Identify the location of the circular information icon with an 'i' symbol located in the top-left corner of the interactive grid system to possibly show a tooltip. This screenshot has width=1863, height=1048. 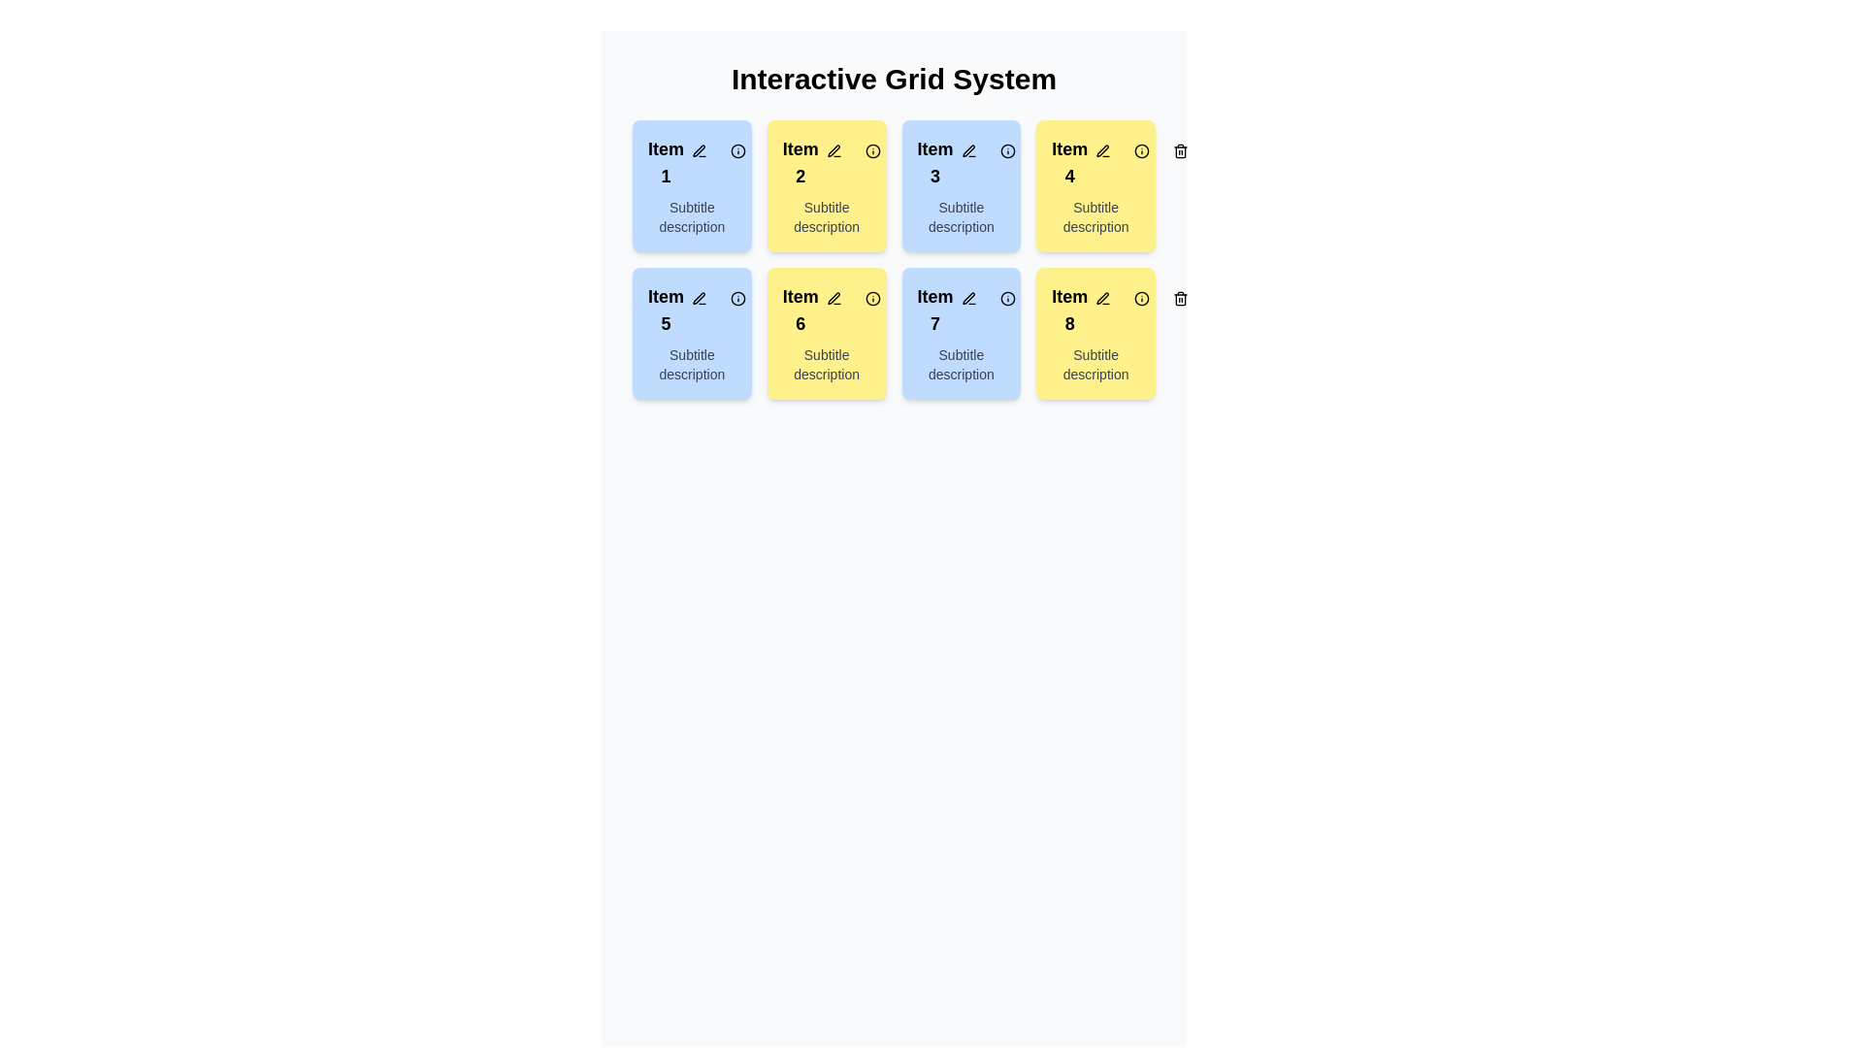
(737, 149).